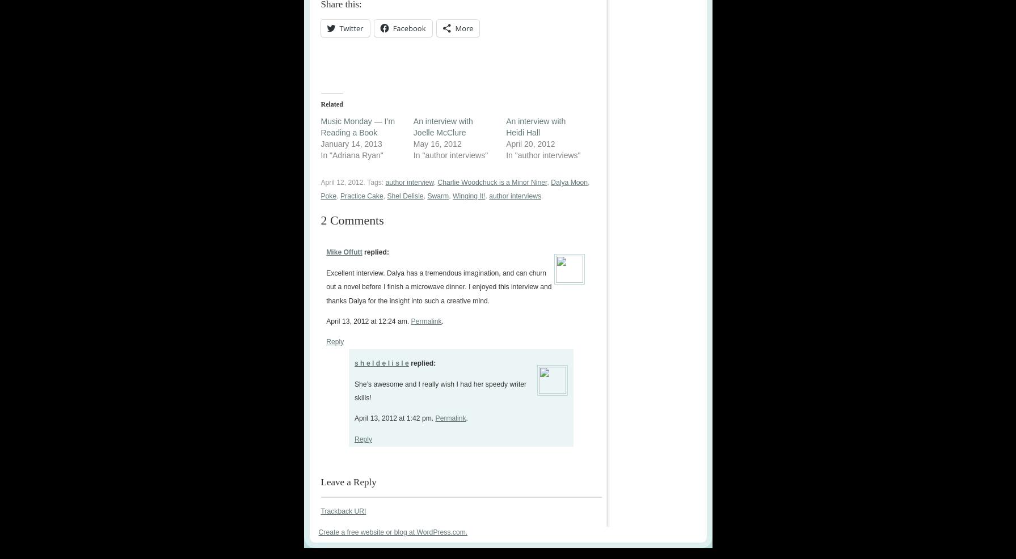  Describe the element at coordinates (439, 286) in the screenshot. I see `'Excellent interview. Dalya has a tremendous imagination, and can churn out a novel before I finish a microwave dinner. I enjoyed this interview and thanks Dalya for the insight into such a creative mind.'` at that location.